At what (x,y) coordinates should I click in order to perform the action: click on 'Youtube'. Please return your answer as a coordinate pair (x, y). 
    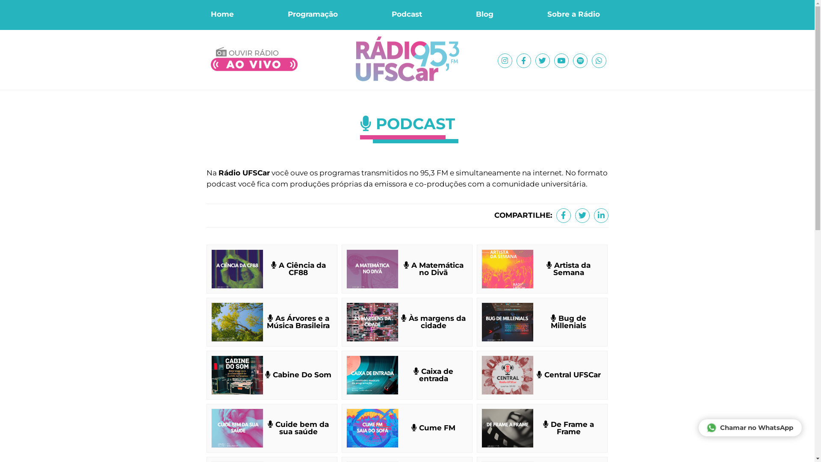
    Looking at the image, I should click on (561, 60).